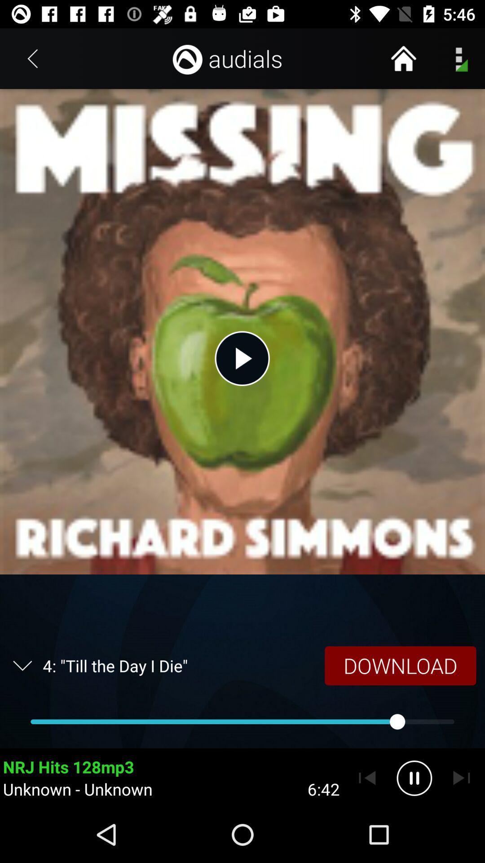 Image resolution: width=485 pixels, height=863 pixels. Describe the element at coordinates (403, 58) in the screenshot. I see `the item next to audials` at that location.